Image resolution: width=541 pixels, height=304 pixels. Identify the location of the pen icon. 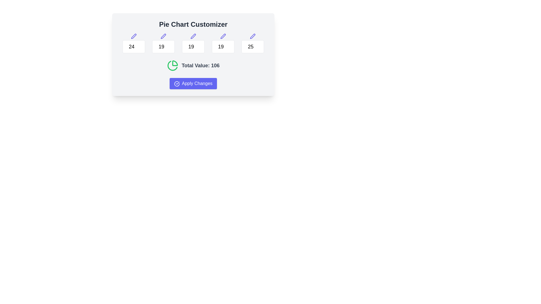
(223, 36).